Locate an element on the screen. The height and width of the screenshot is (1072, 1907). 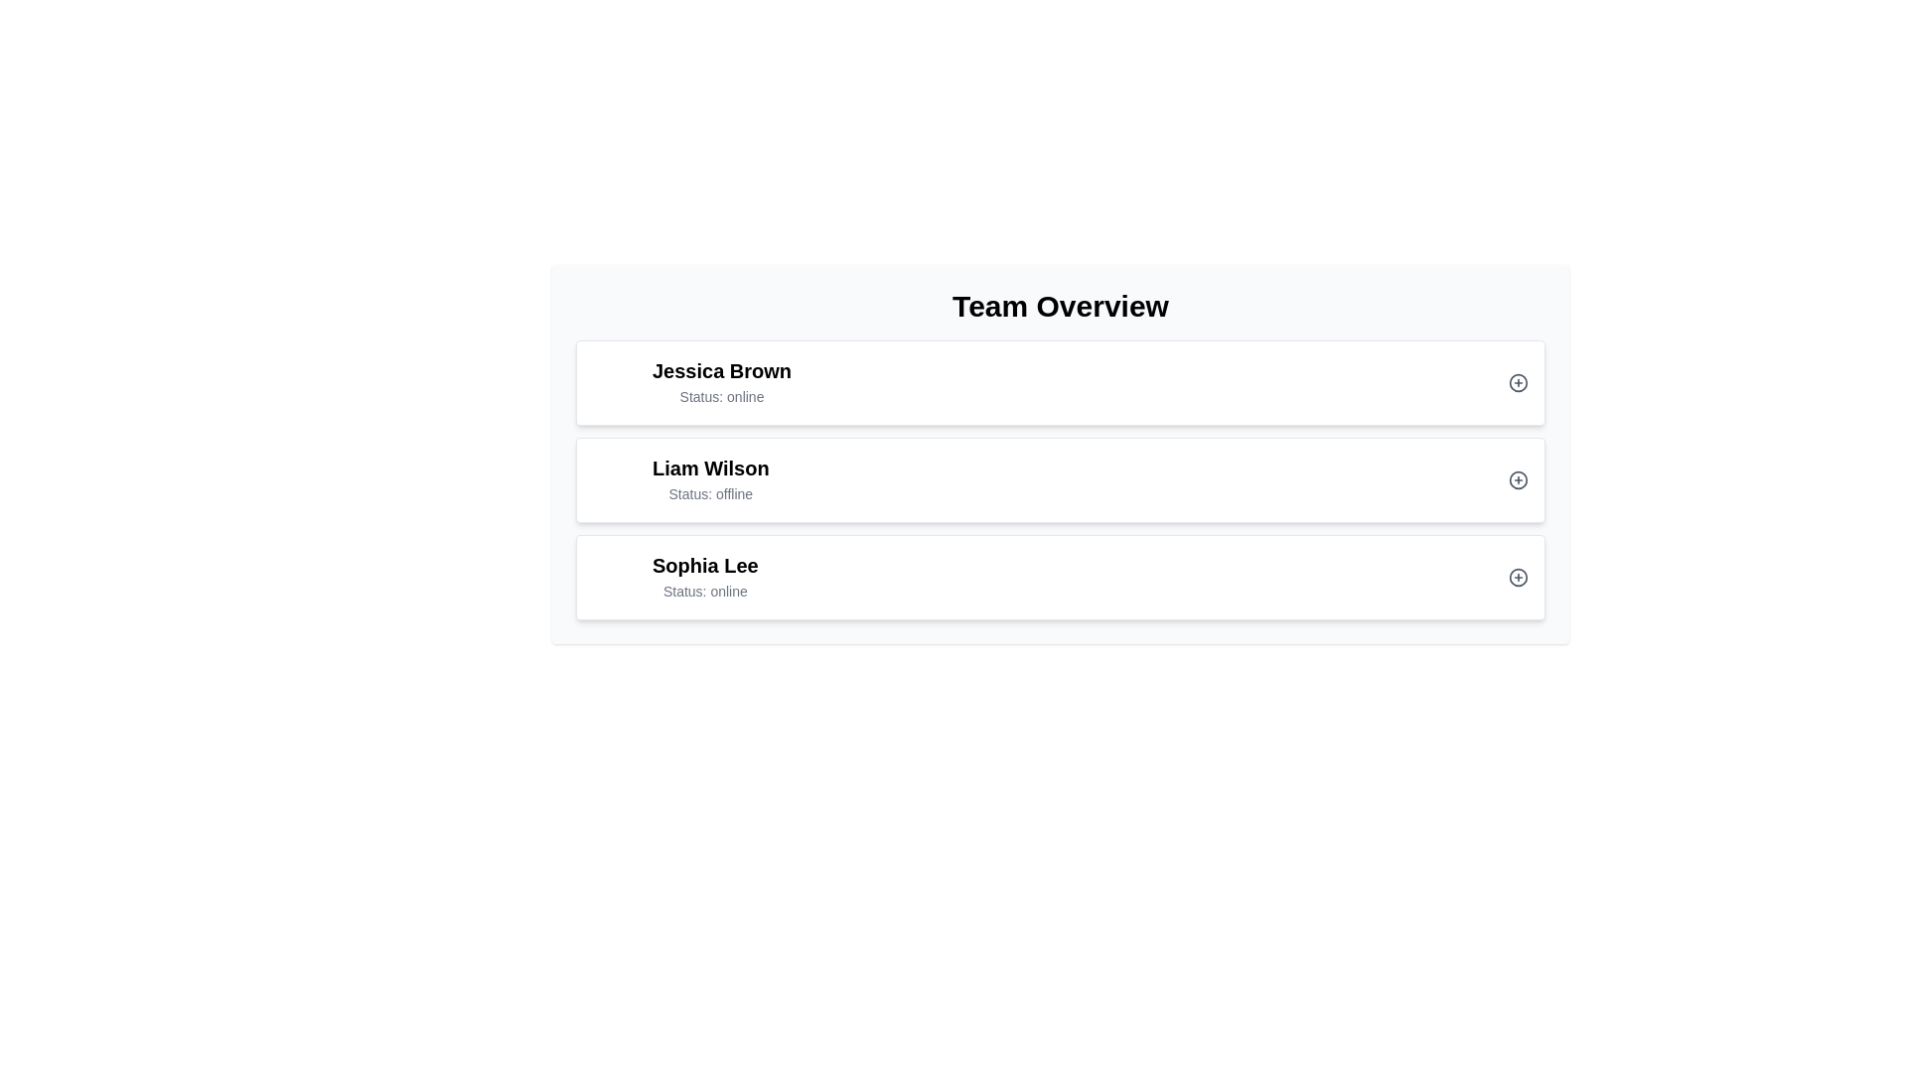
the Text display group containing 'Jessica Brown' in bold and 'Status: online' is located at coordinates (721, 382).